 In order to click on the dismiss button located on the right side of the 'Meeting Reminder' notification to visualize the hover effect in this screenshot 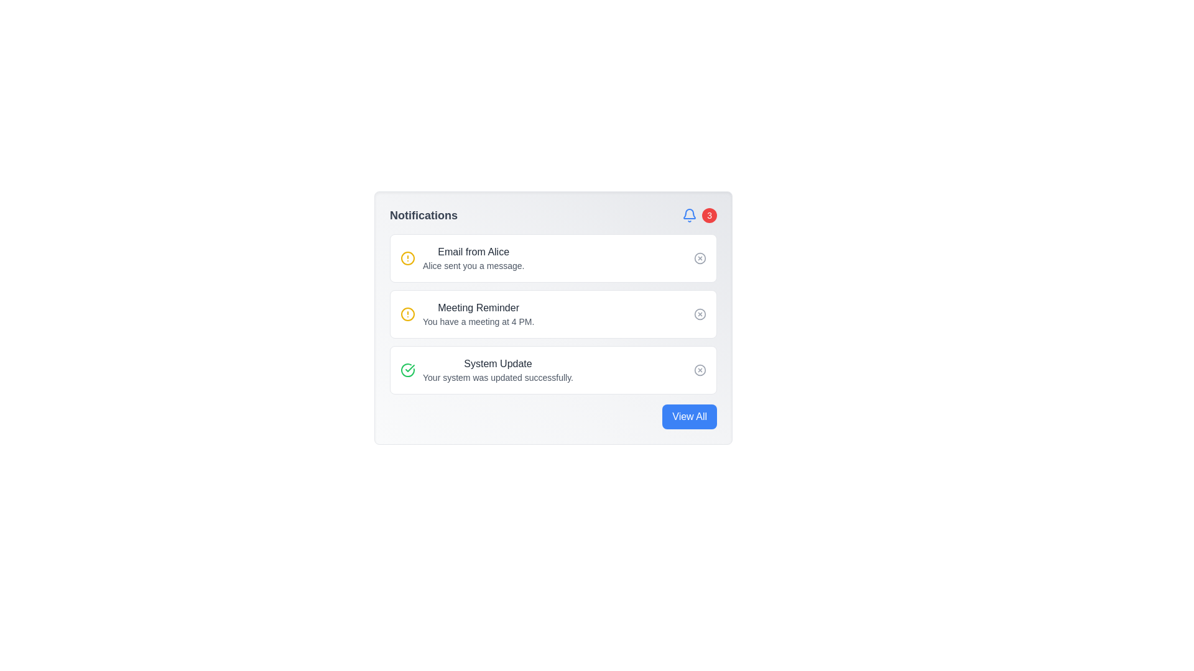, I will do `click(700, 313)`.